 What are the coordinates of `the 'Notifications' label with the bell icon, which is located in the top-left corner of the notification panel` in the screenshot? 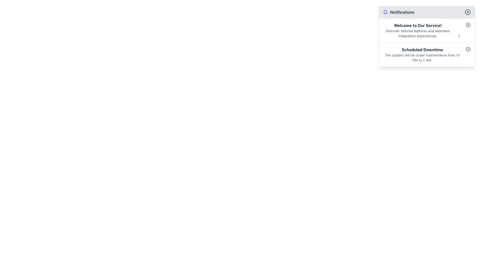 It's located at (398, 12).